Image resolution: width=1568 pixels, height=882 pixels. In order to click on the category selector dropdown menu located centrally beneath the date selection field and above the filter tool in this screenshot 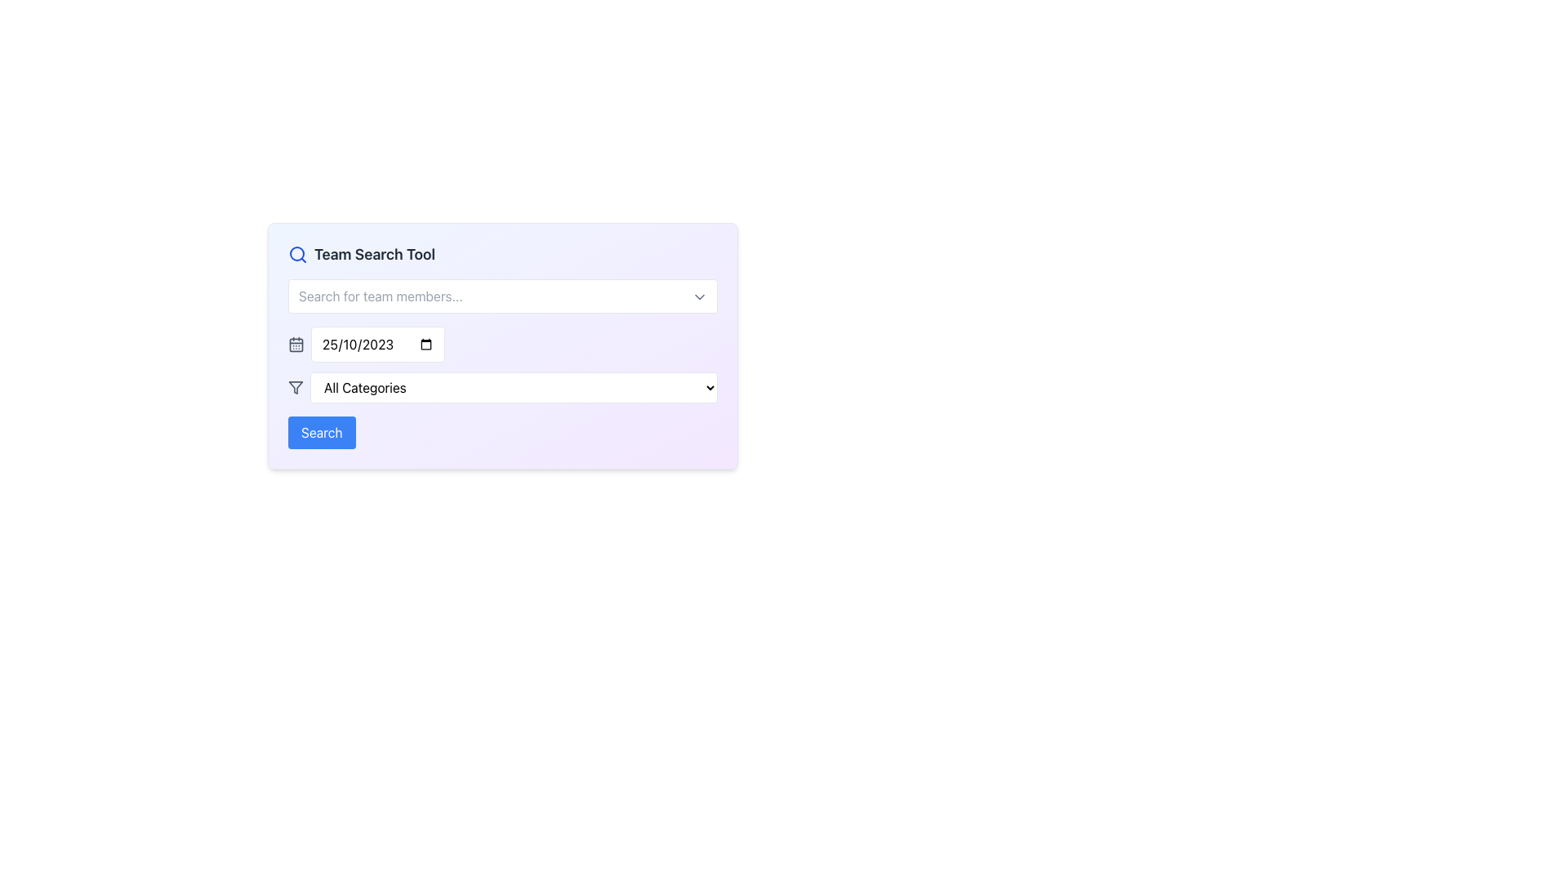, I will do `click(501, 364)`.